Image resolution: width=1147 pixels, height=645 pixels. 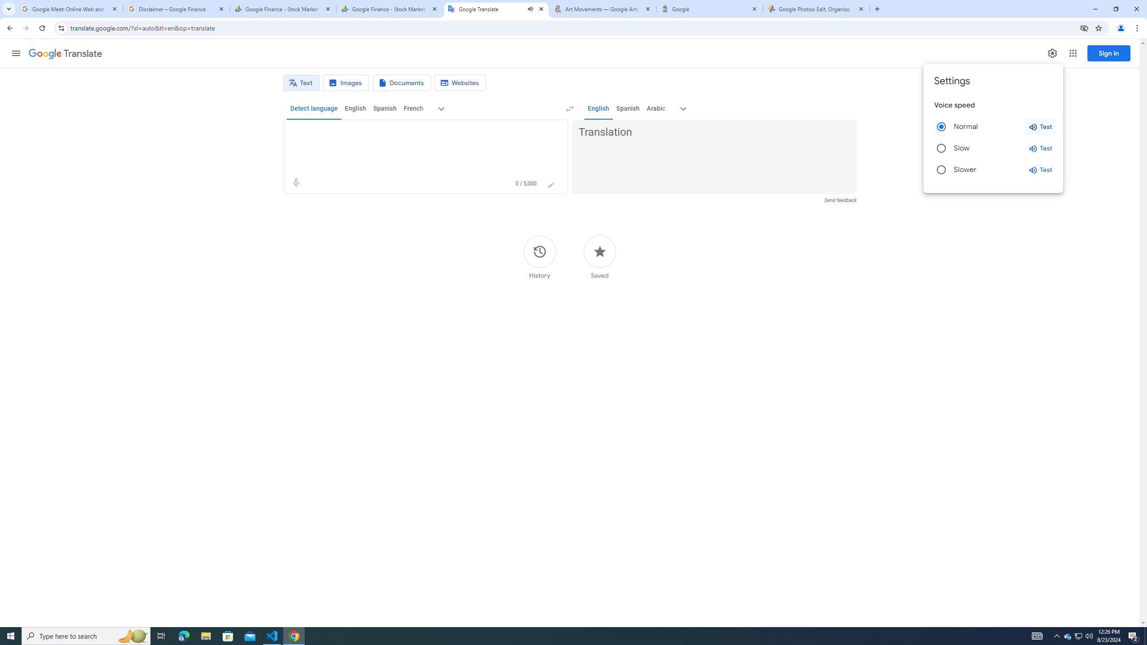 I want to click on 'Arabic', so click(x=655, y=108).